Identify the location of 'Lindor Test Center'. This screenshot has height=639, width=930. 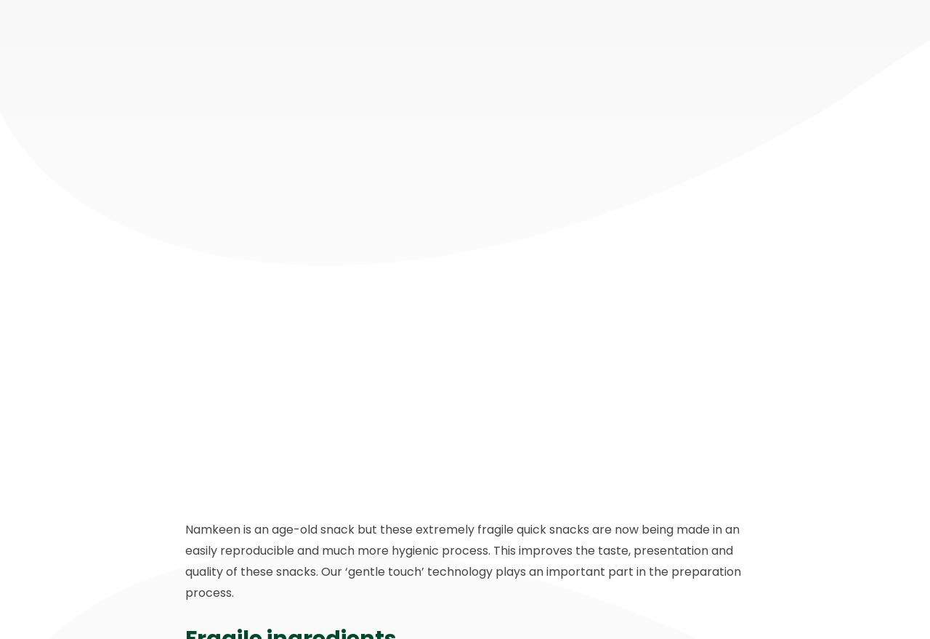
(648, 546).